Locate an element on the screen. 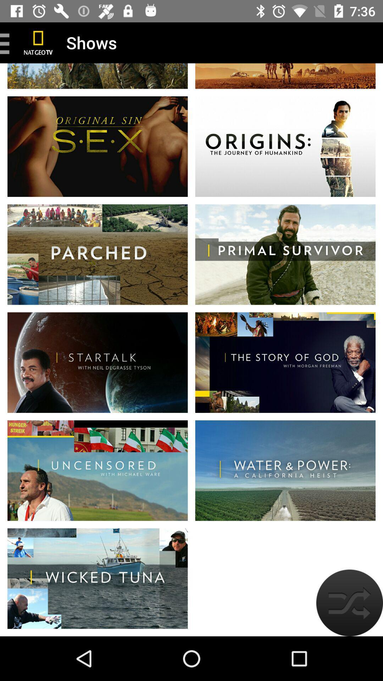 This screenshot has height=681, width=383. icon next to the shows item is located at coordinates (38, 42).